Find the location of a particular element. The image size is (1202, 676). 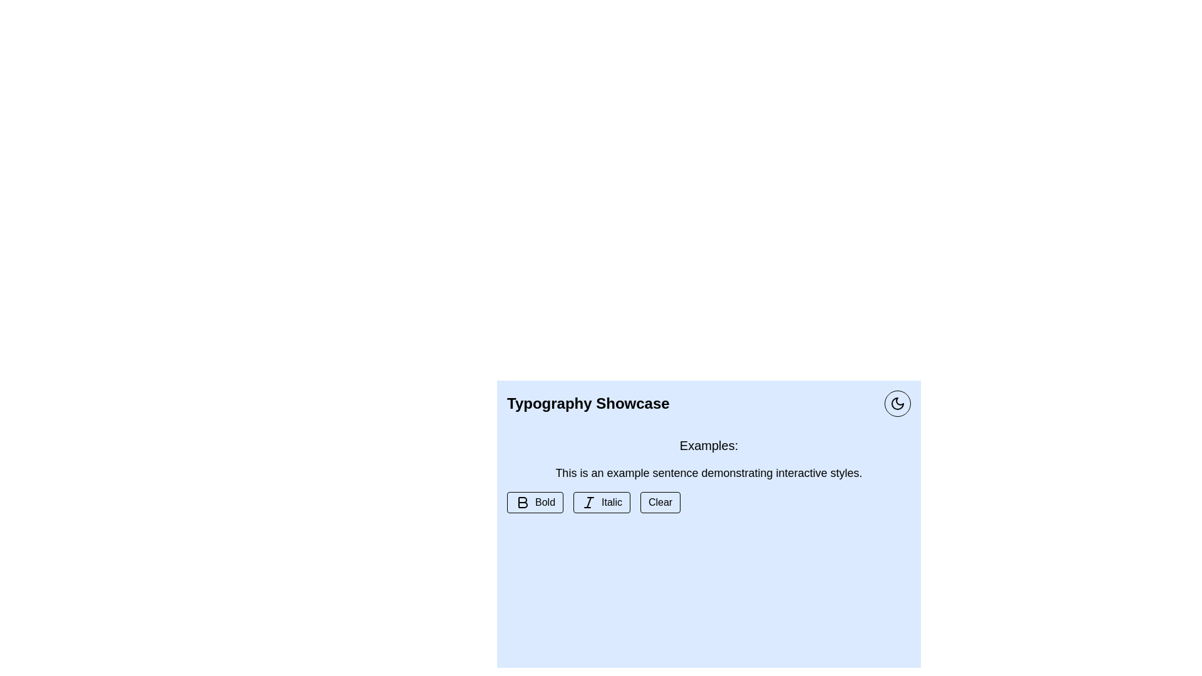

the 'Clear' button, which is a rectangular button with a light-colored background and dark border, located to the right of the 'Italic' button in the lower region of the interface is located at coordinates (660, 501).